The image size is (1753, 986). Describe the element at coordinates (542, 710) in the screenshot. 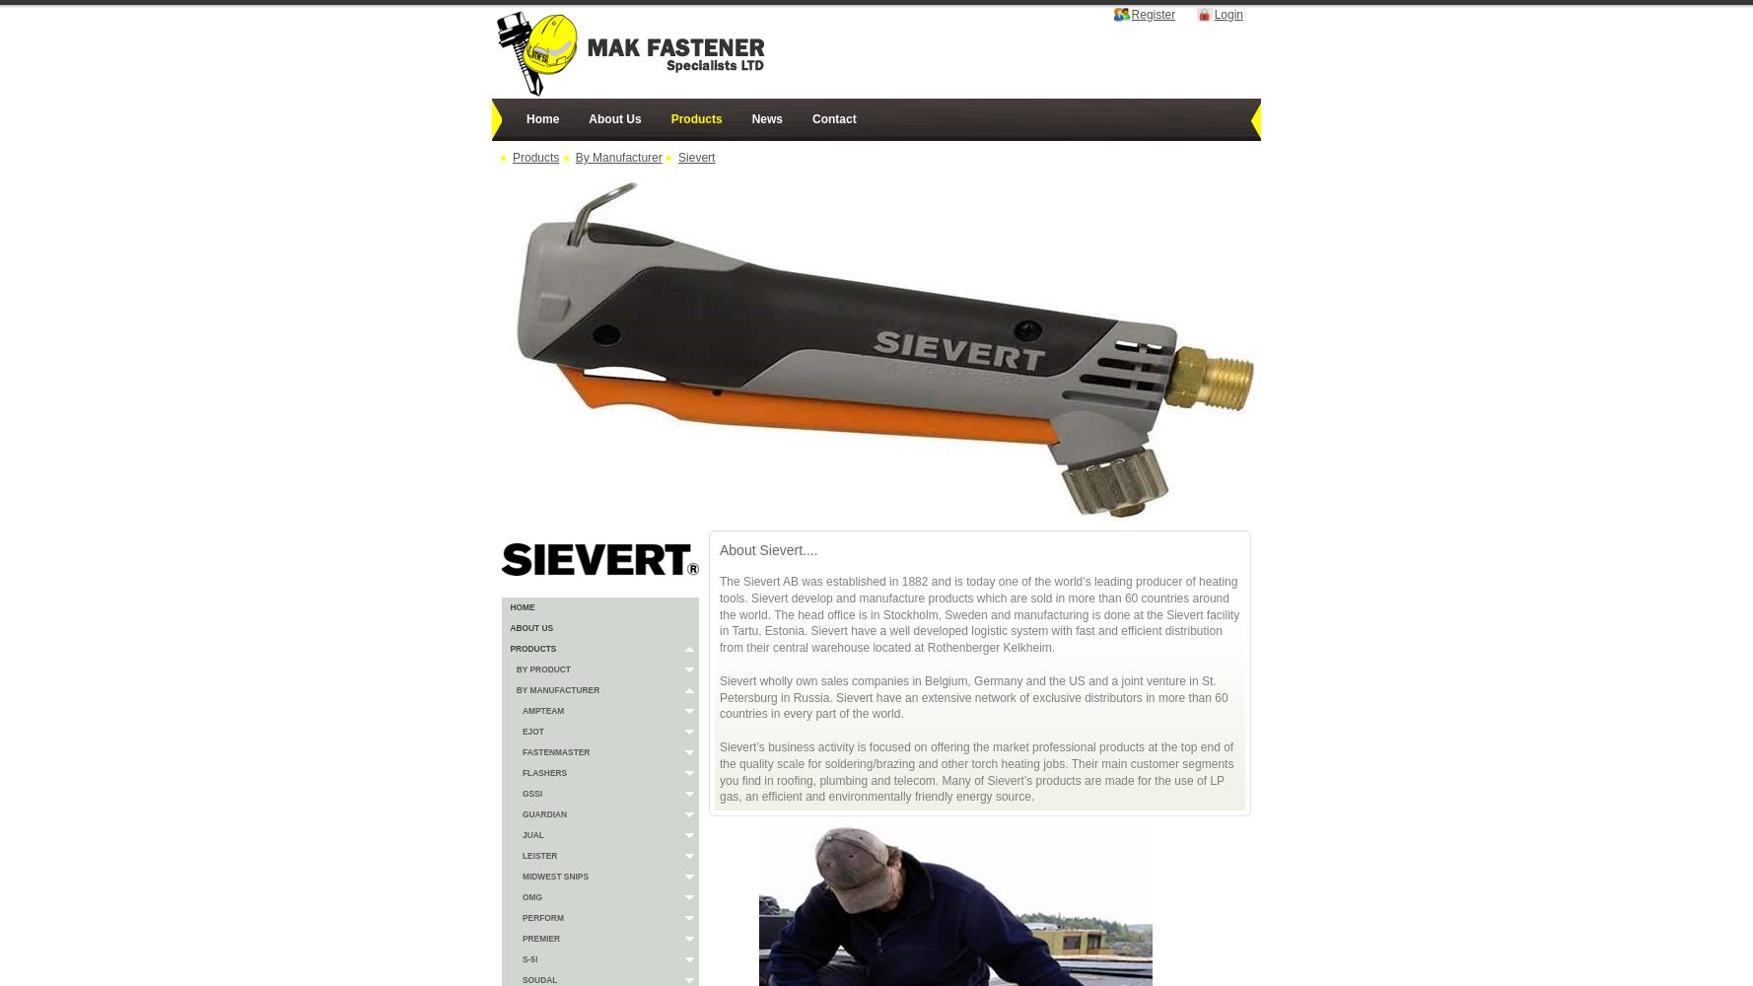

I see `'Ampteam'` at that location.